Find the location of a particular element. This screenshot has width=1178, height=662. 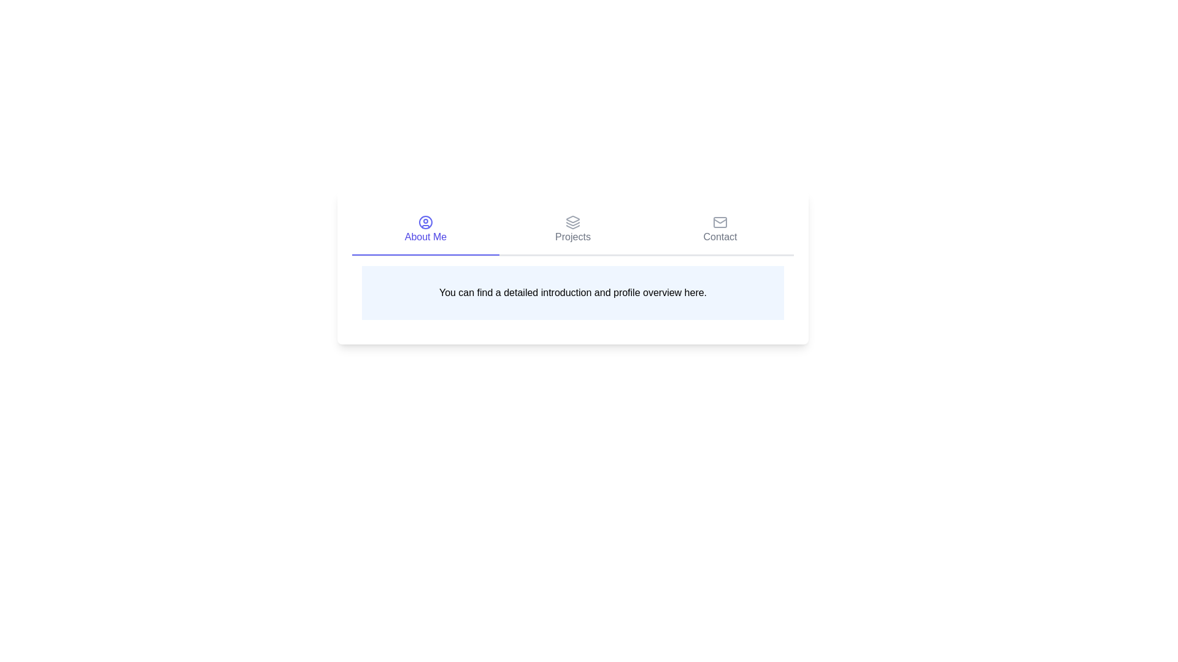

the Projects tab by clicking on its button is located at coordinates (572, 230).